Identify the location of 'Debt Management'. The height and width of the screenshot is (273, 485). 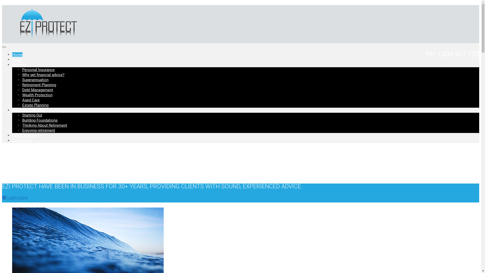
(37, 89).